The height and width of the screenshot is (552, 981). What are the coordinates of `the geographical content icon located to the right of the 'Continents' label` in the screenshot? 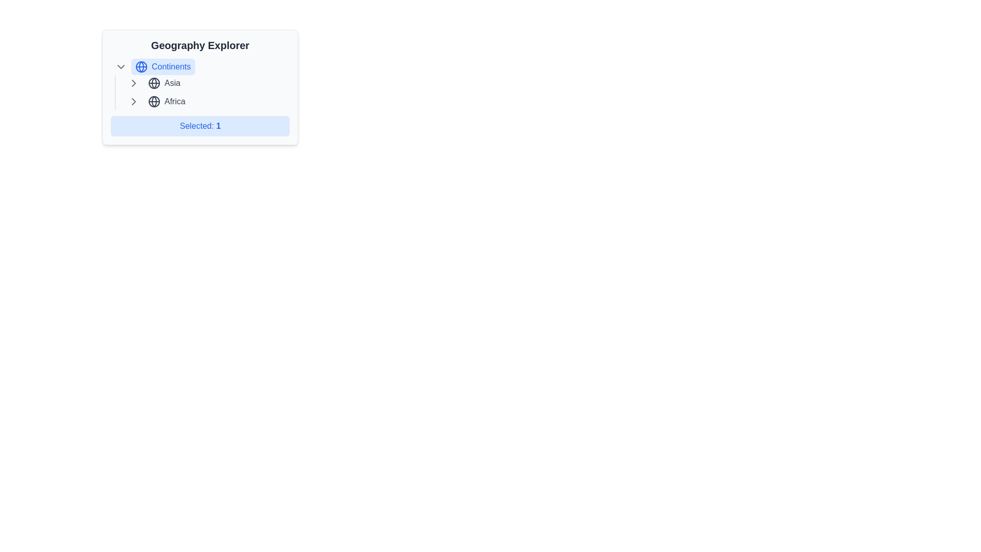 It's located at (141, 67).